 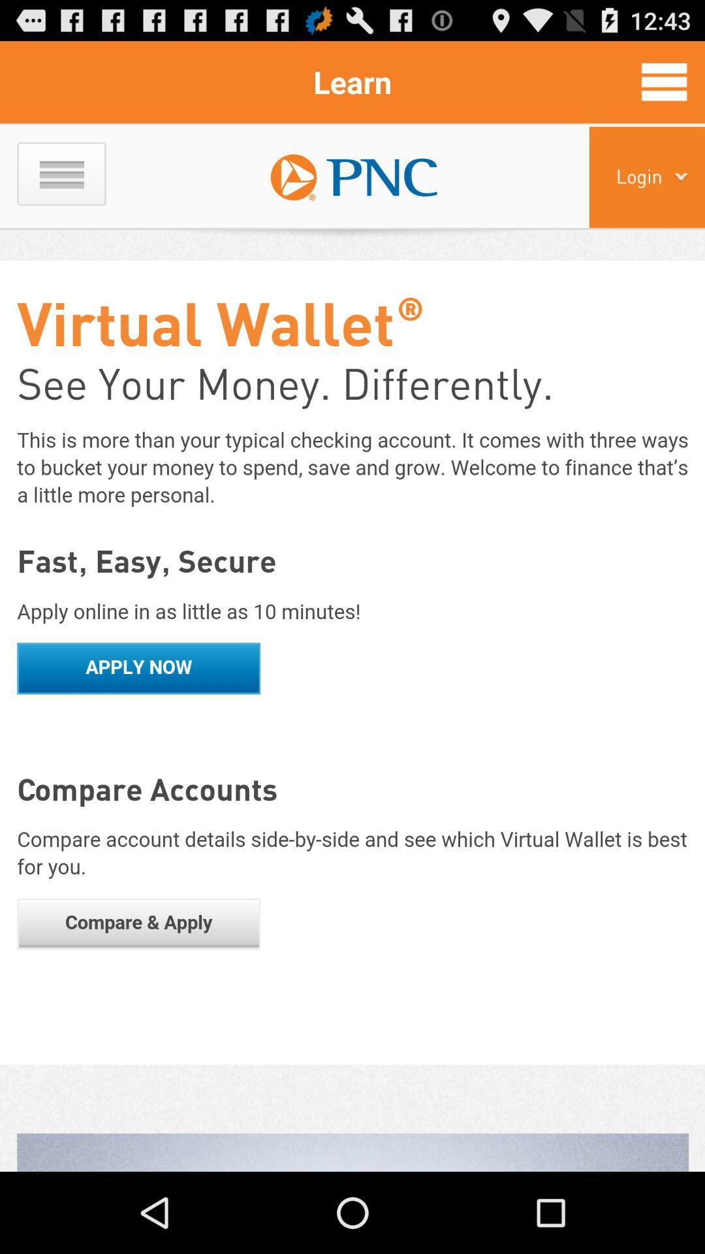 I want to click on the menu icon, so click(x=664, y=87).